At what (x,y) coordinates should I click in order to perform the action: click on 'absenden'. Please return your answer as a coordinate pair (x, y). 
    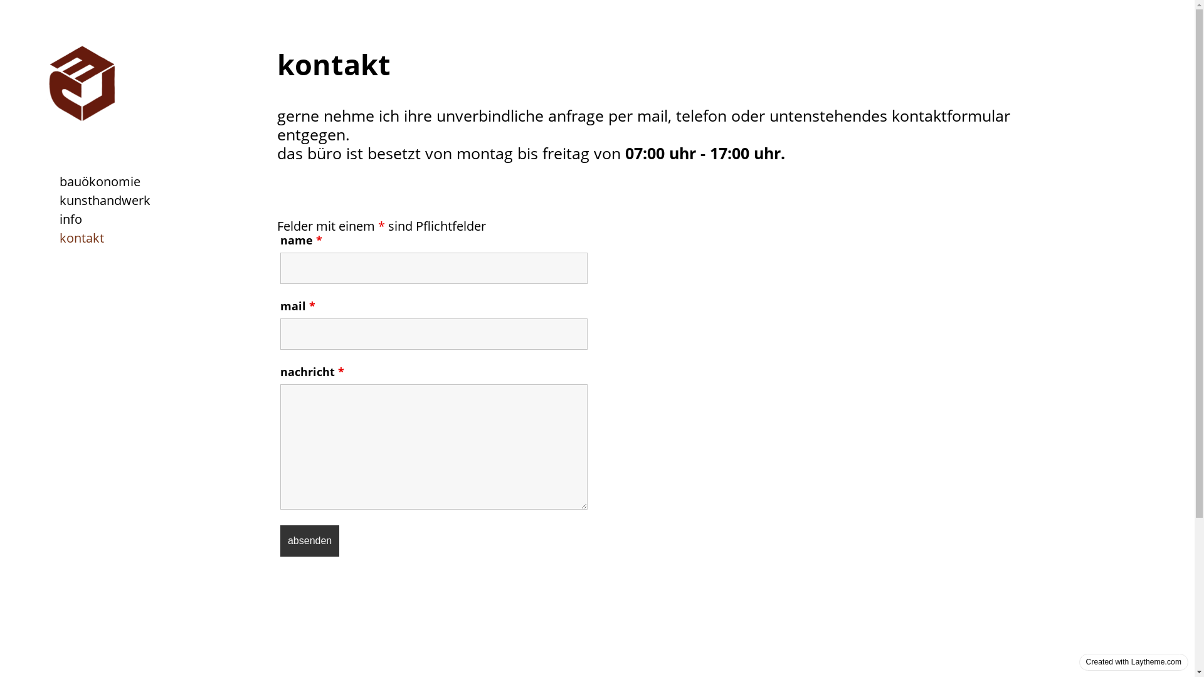
    Looking at the image, I should click on (279, 540).